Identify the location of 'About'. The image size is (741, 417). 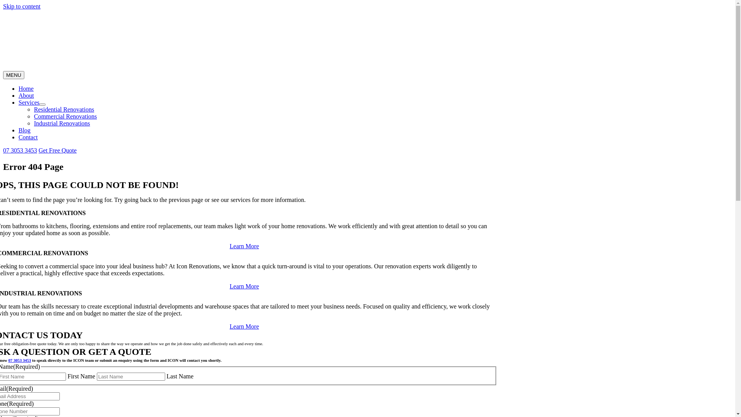
(26, 95).